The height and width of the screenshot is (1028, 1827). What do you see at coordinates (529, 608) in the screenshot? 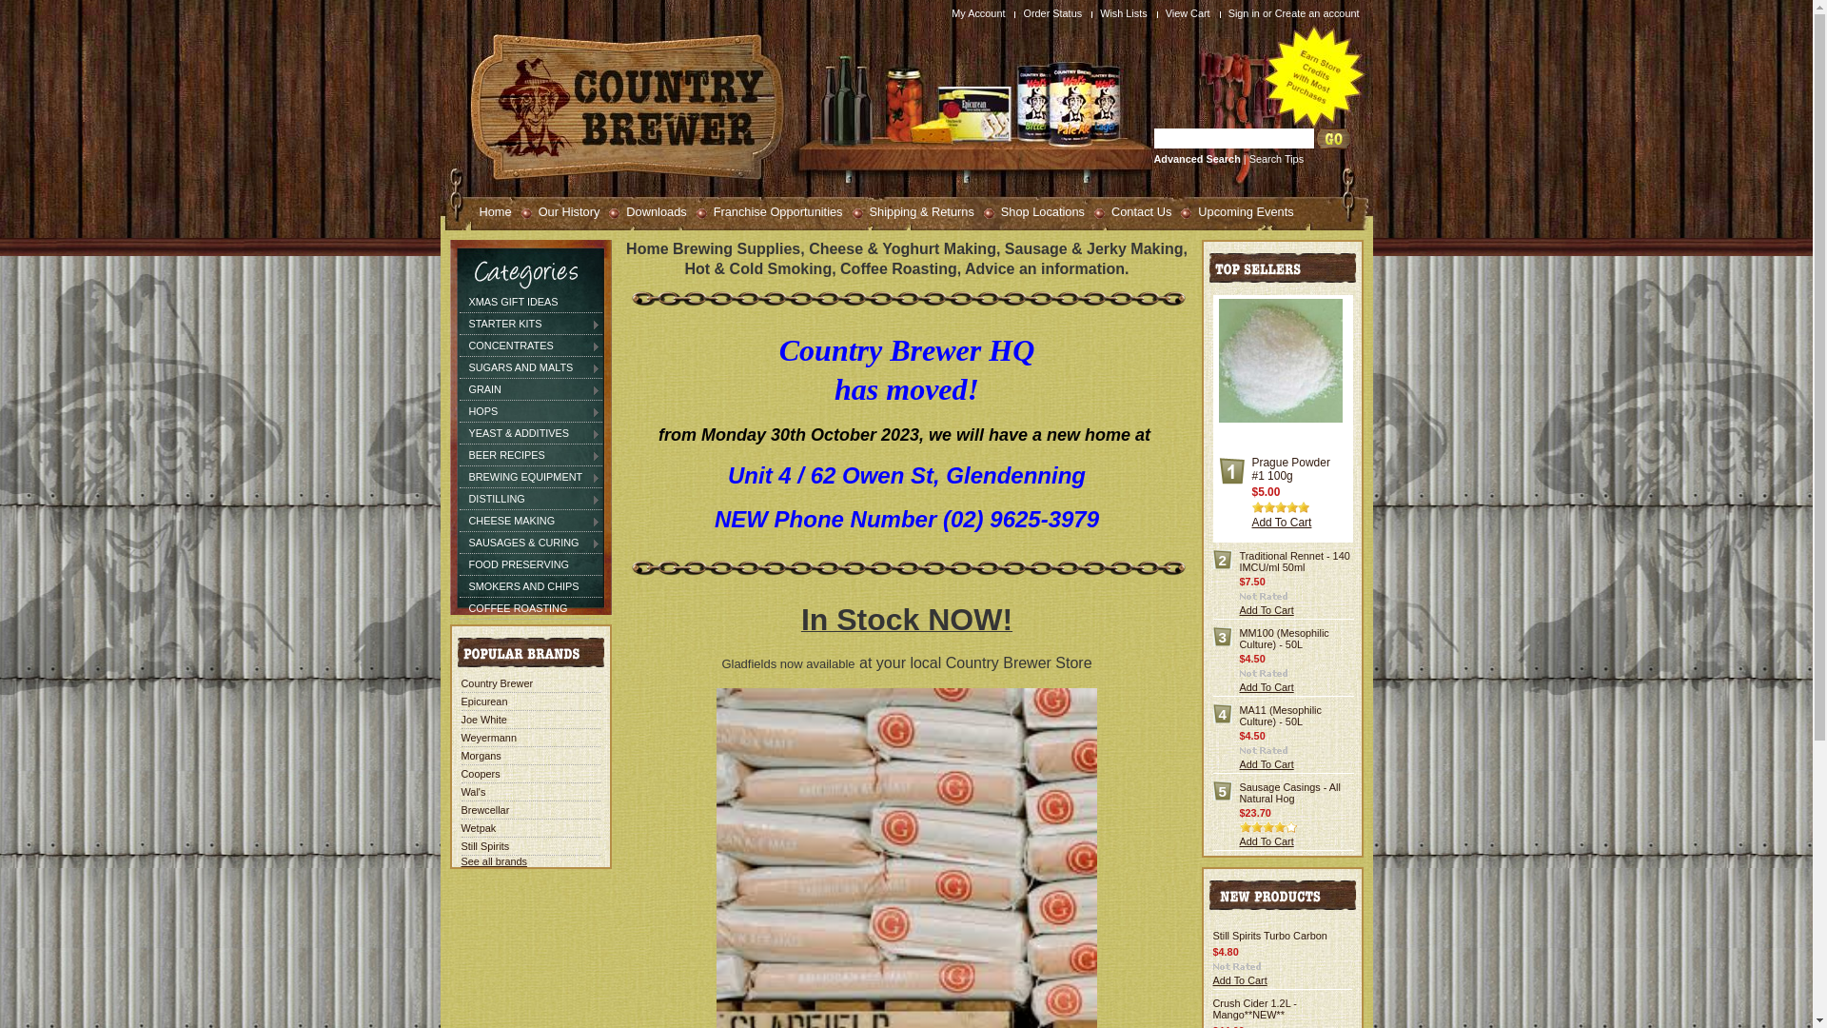
I see `'COFFEE ROASTING'` at bounding box center [529, 608].